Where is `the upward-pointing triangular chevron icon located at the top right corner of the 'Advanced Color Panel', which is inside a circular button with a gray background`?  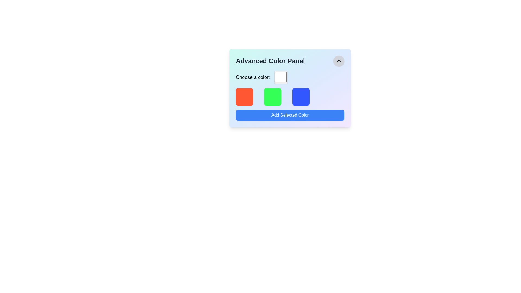 the upward-pointing triangular chevron icon located at the top right corner of the 'Advanced Color Panel', which is inside a circular button with a gray background is located at coordinates (338, 61).